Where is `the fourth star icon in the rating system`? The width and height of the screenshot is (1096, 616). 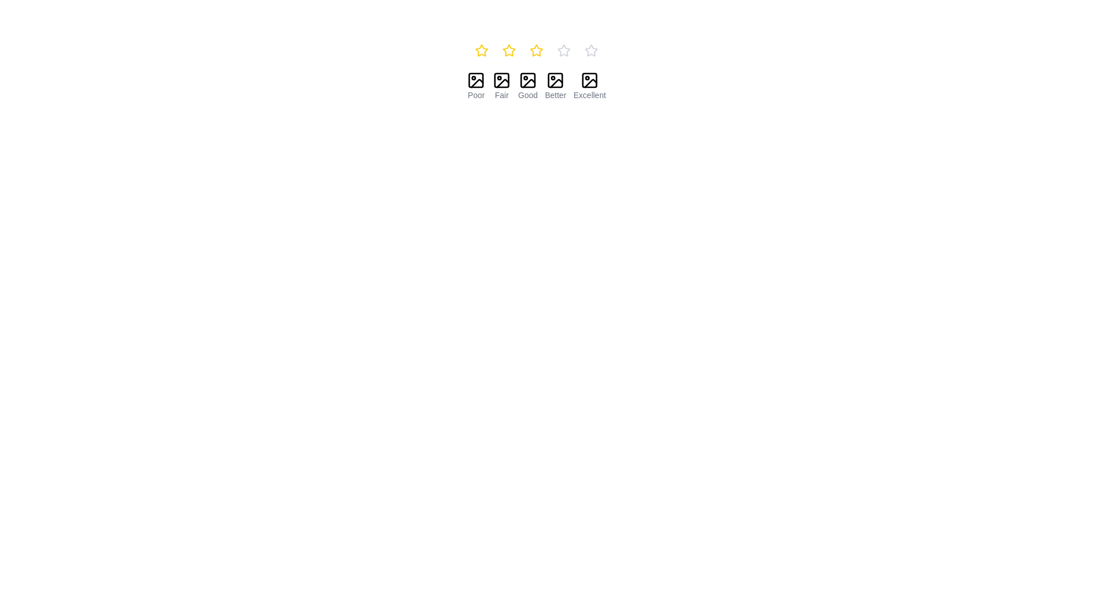
the fourth star icon in the rating system is located at coordinates (564, 50).